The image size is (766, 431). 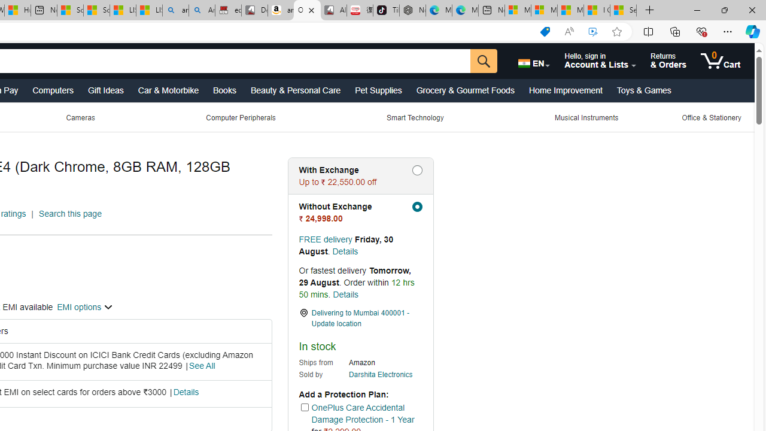 I want to click on 'Shopping in Microsoft Edge', so click(x=544, y=31).